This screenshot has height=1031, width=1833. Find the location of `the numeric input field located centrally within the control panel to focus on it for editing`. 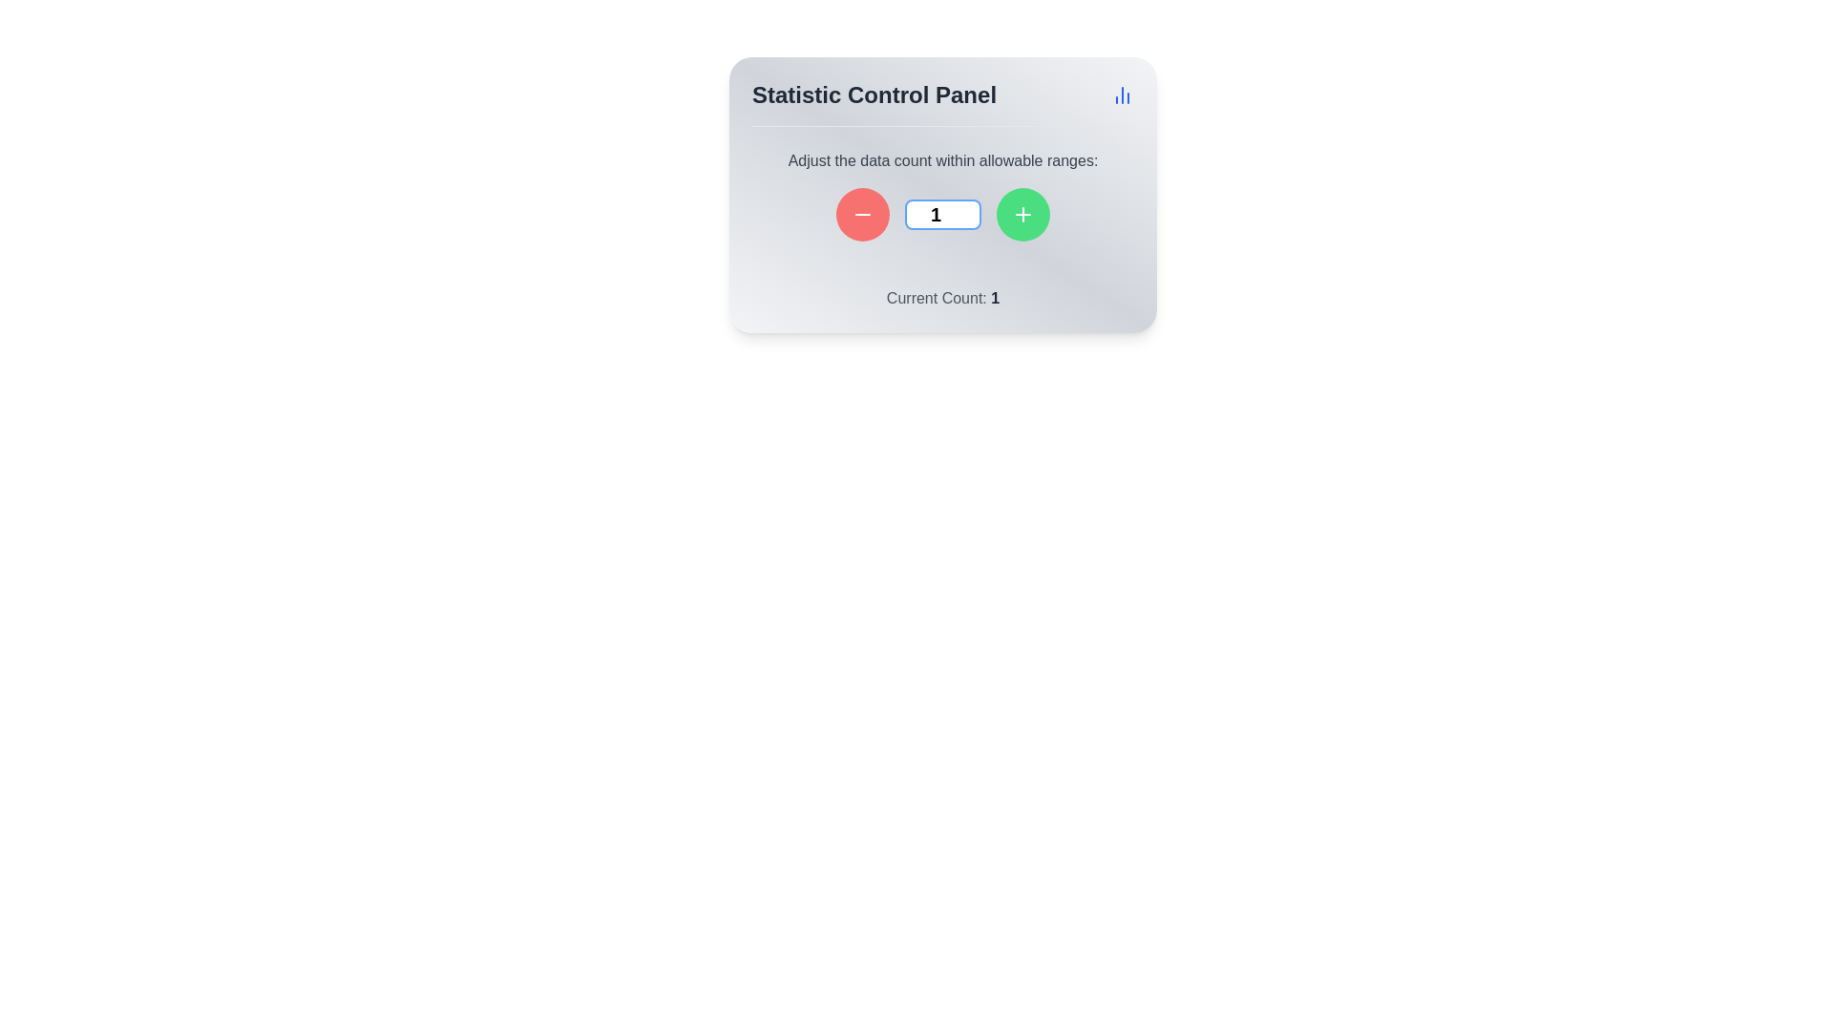

the numeric input field located centrally within the control panel to focus on it for editing is located at coordinates (943, 214).